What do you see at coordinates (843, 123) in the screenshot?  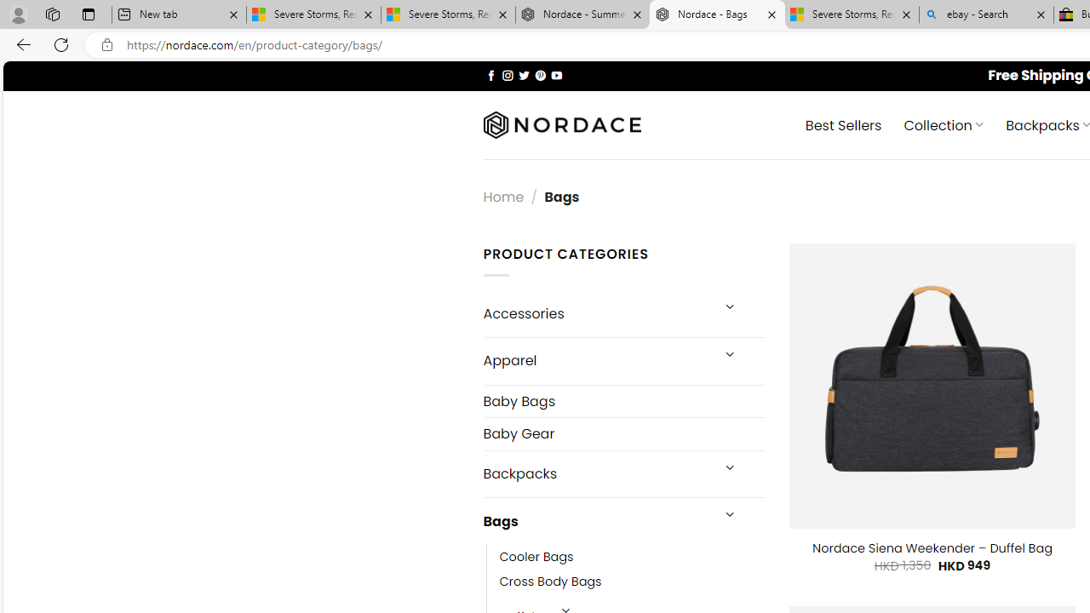 I see `'  Best Sellers'` at bounding box center [843, 123].